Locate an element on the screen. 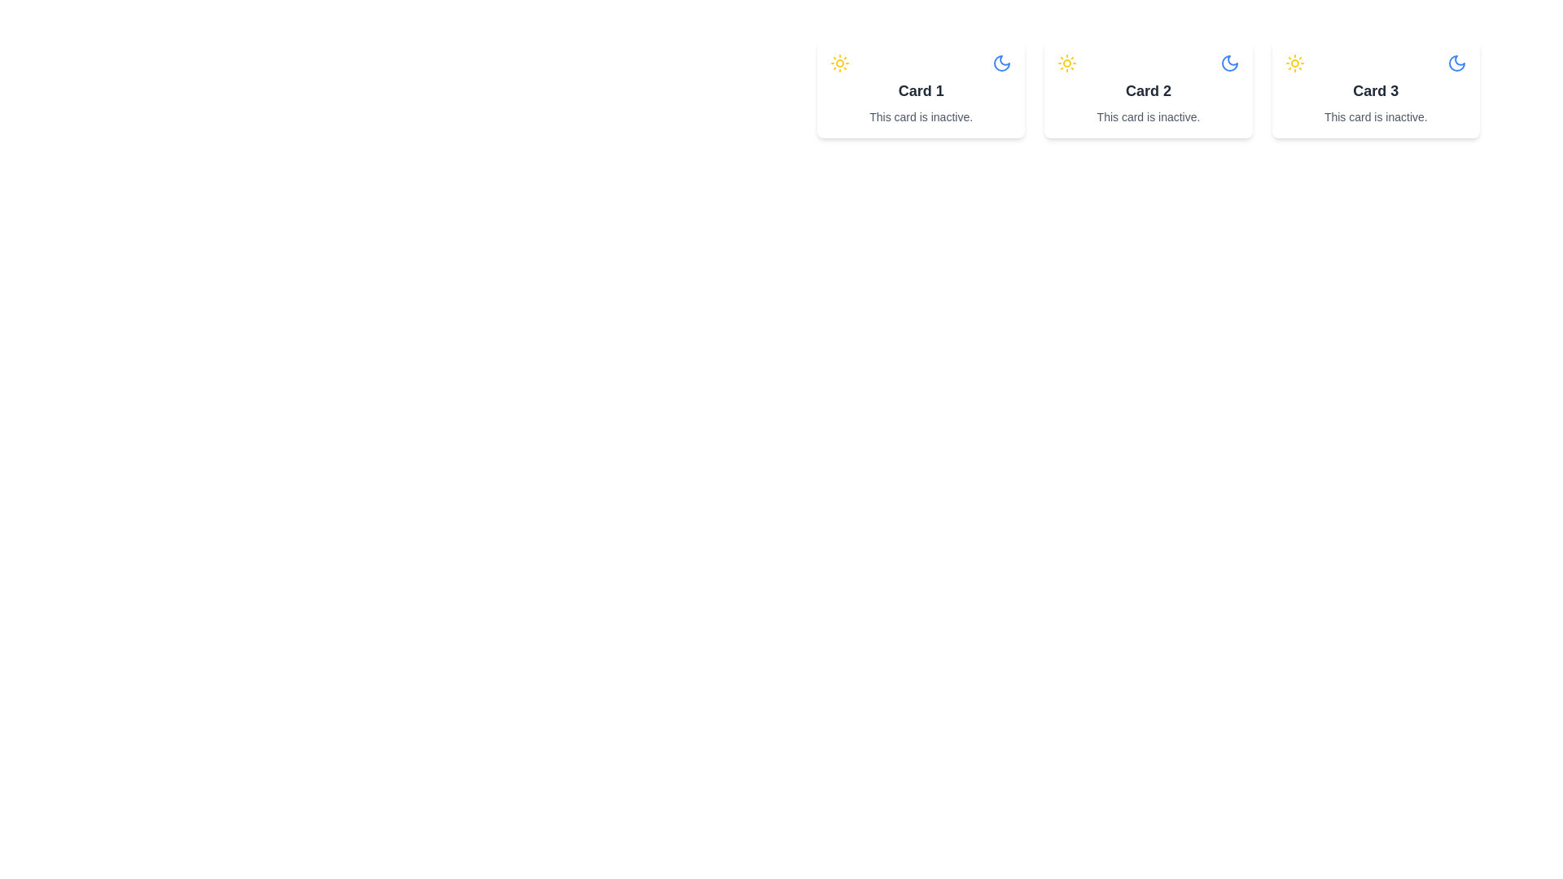  text content of the label that states 'This card is inactive.' located below the heading 'Card 2' in the second card of the horizontally aligned card layout is located at coordinates (1148, 116).